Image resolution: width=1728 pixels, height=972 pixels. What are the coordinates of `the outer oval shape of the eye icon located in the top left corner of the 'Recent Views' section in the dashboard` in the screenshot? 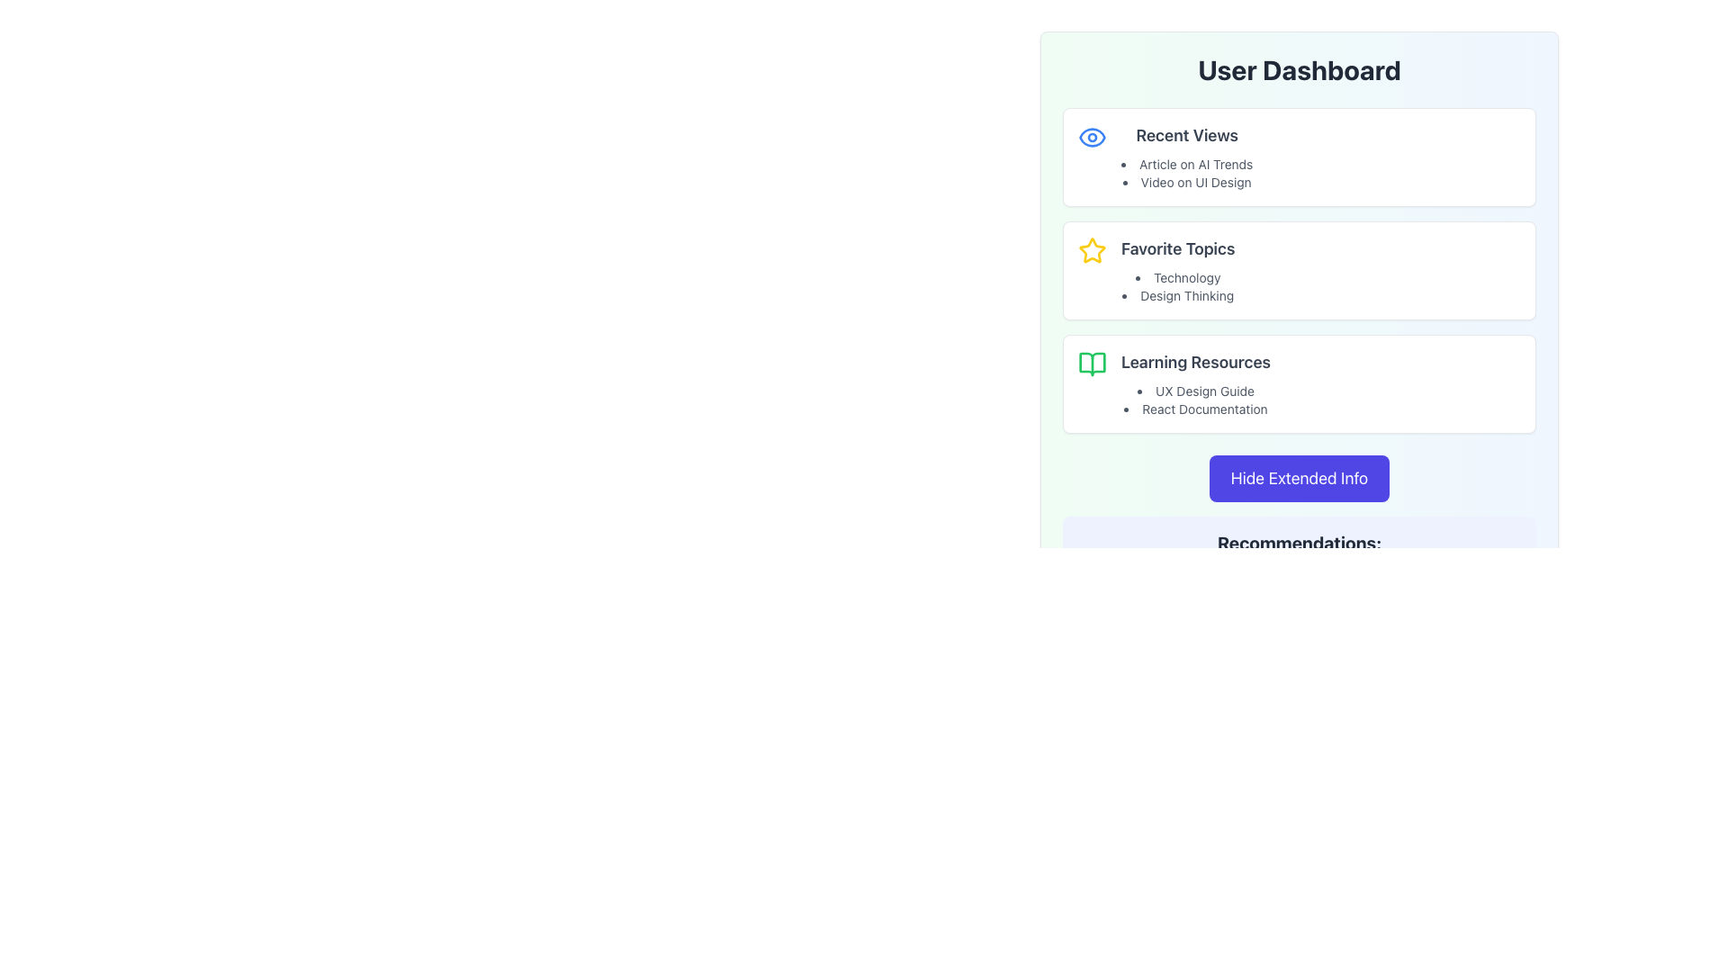 It's located at (1092, 135).